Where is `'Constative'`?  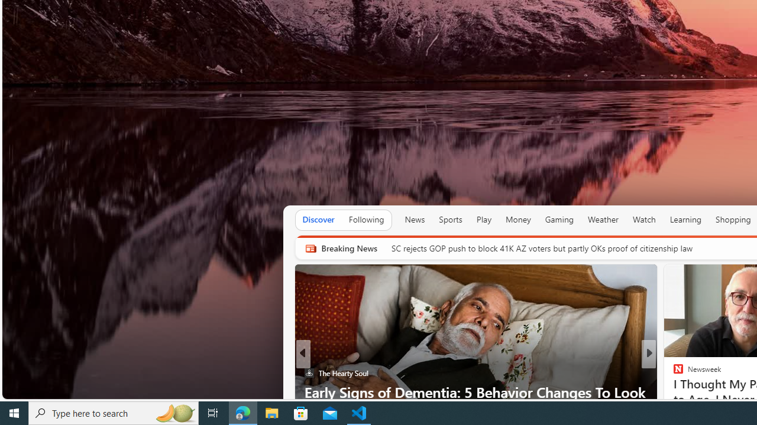
'Constative' is located at coordinates (673, 373).